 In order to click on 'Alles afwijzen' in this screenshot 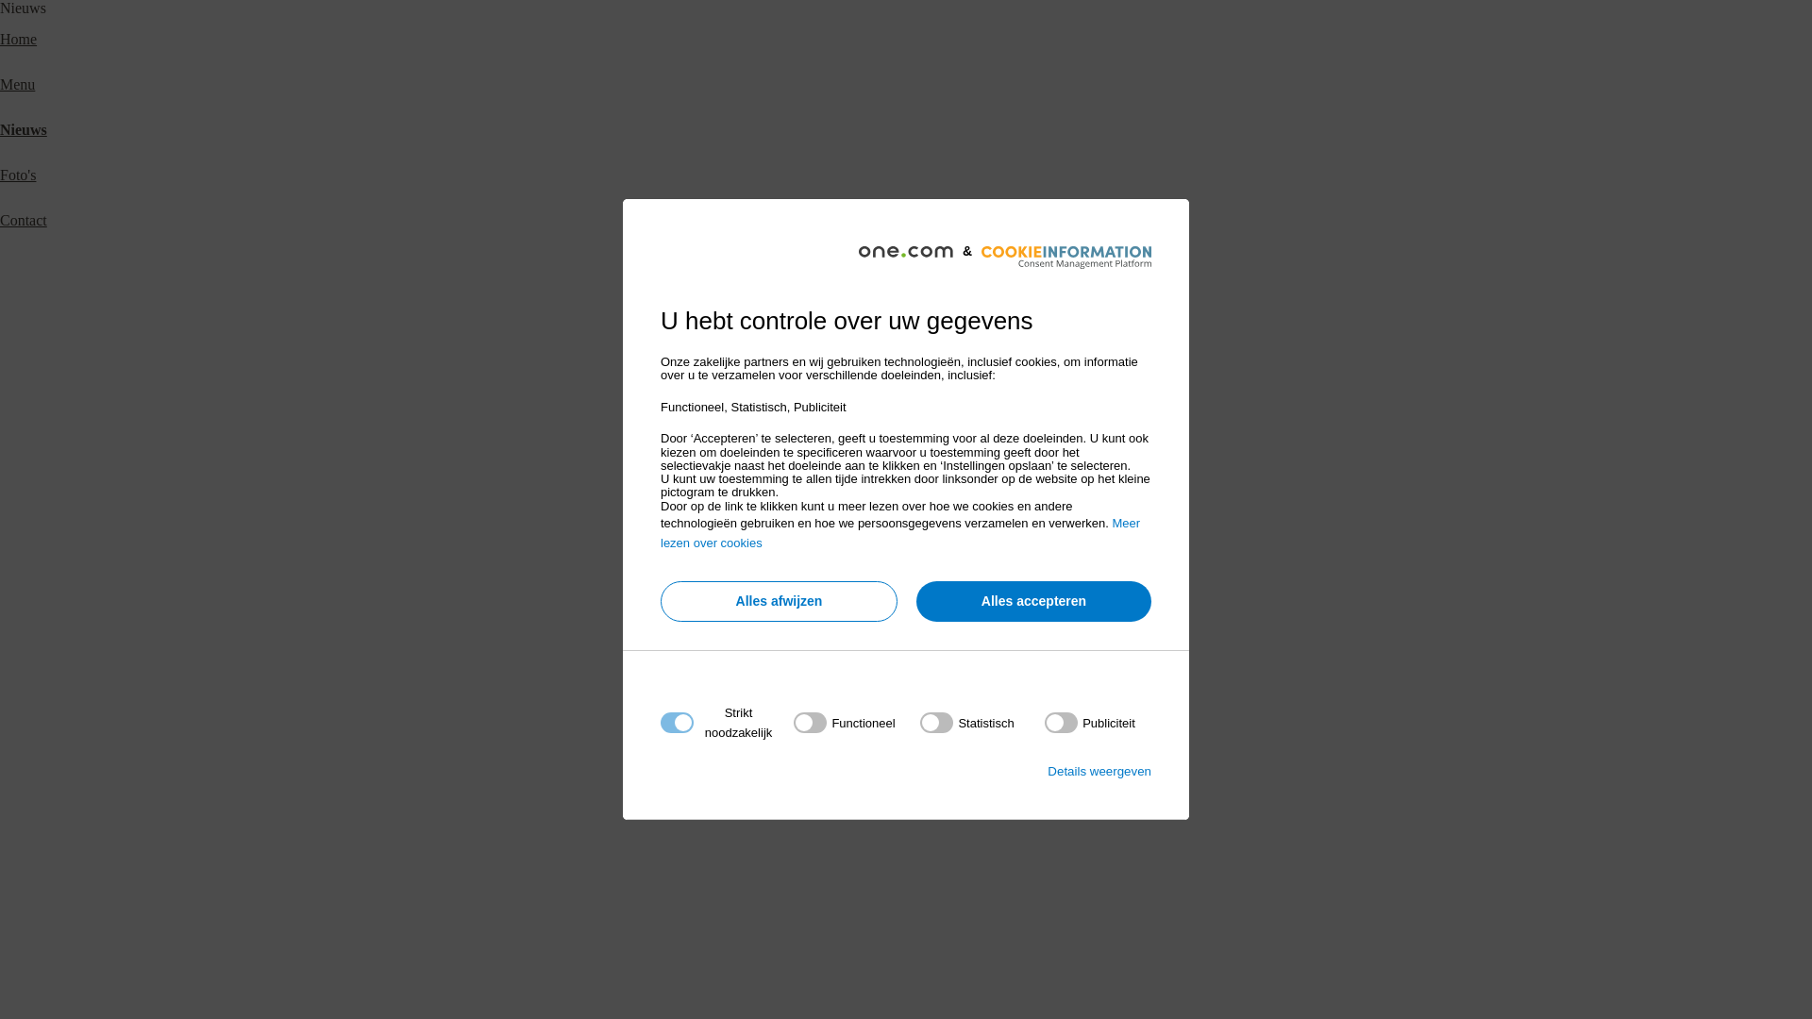, I will do `click(779, 601)`.